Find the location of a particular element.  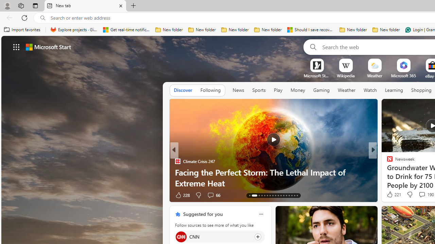

'Import favorites' is located at coordinates (22, 29).